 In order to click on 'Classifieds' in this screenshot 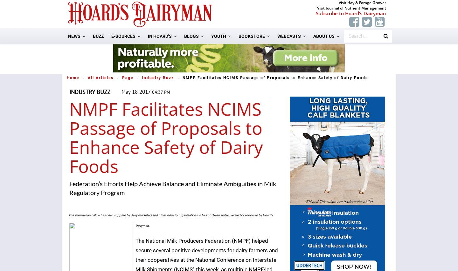, I will do `click(167, 125)`.